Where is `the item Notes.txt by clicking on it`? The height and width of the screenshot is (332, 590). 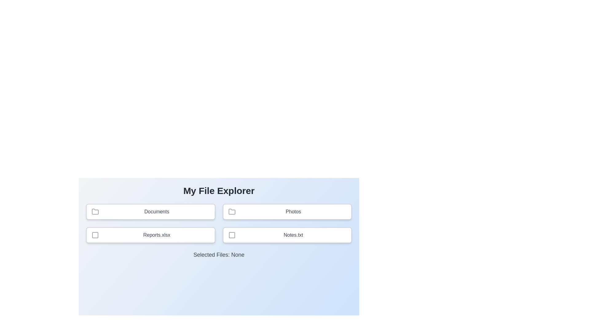
the item Notes.txt by clicking on it is located at coordinates (287, 235).